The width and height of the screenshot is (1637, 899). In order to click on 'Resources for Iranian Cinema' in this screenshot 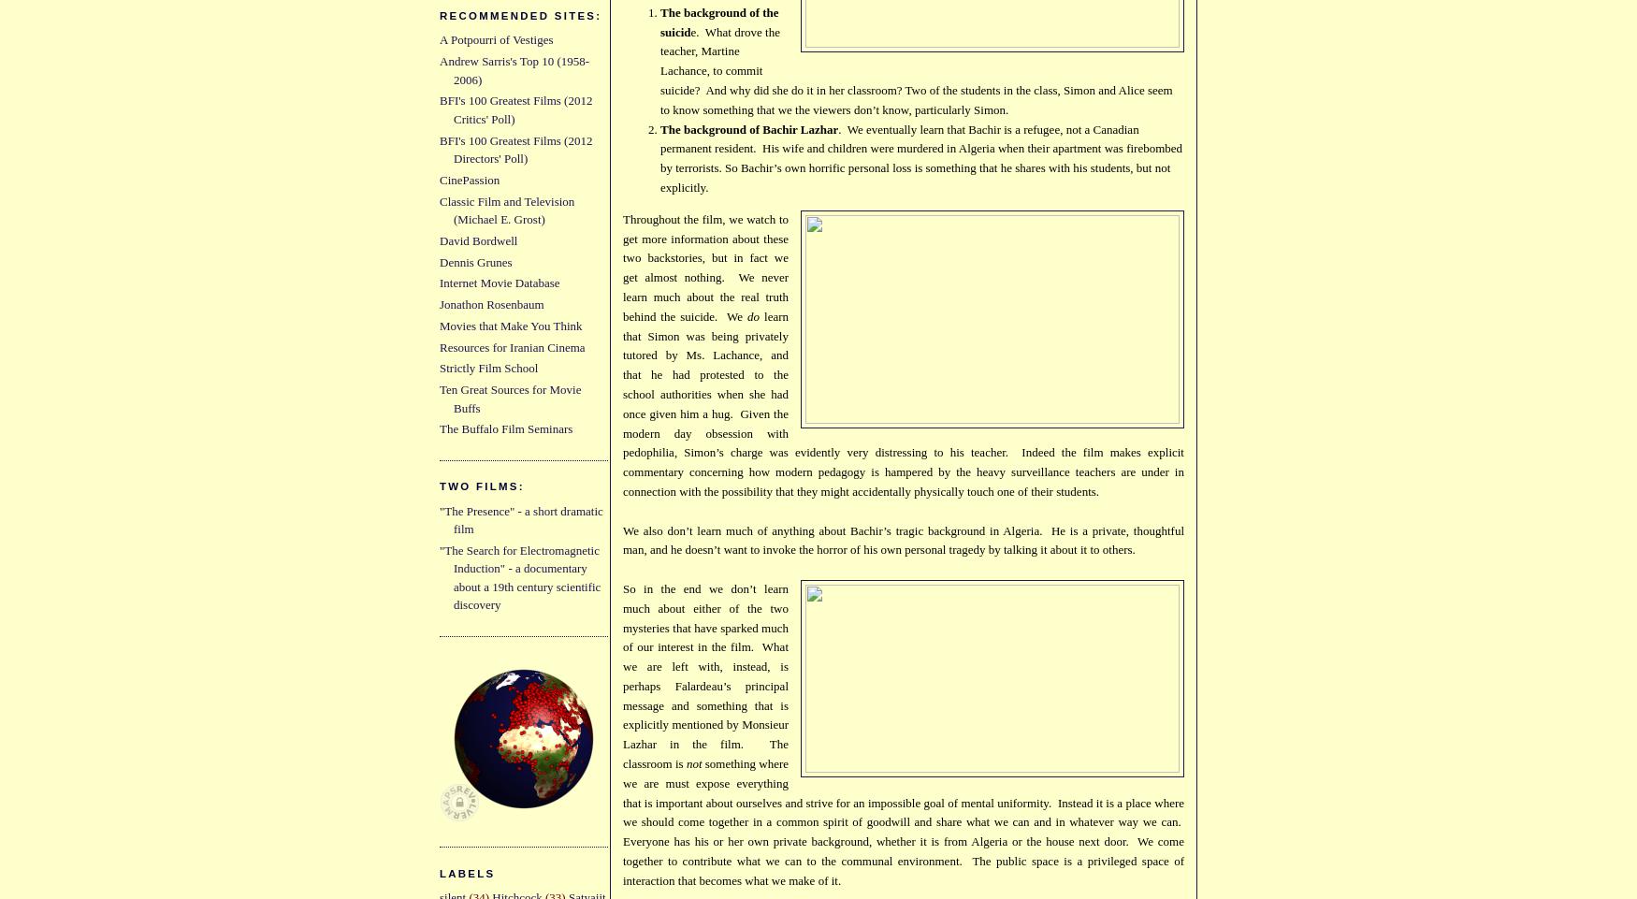, I will do `click(511, 345)`.